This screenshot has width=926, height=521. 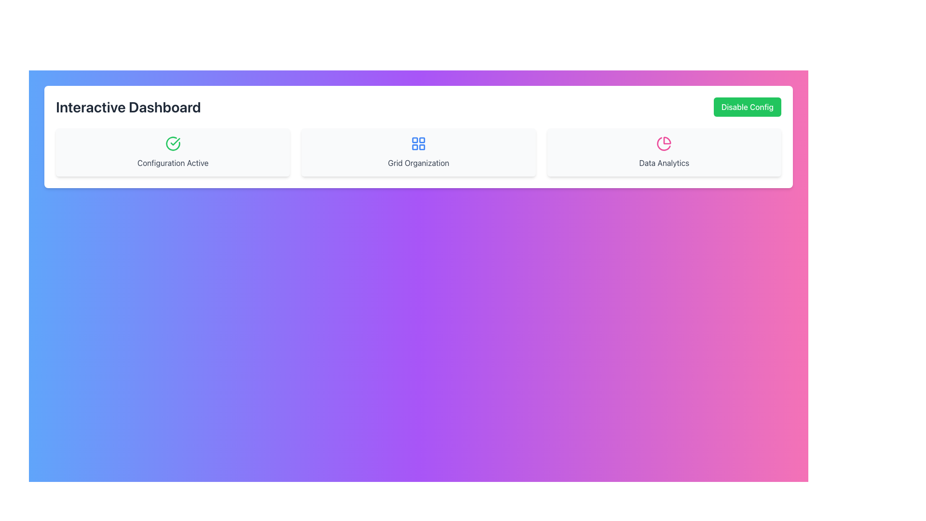 What do you see at coordinates (415, 147) in the screenshot?
I see `the visual representation of the small square located in the bottom-left corner of the grid icon within the 'Grid Organization' card` at bounding box center [415, 147].